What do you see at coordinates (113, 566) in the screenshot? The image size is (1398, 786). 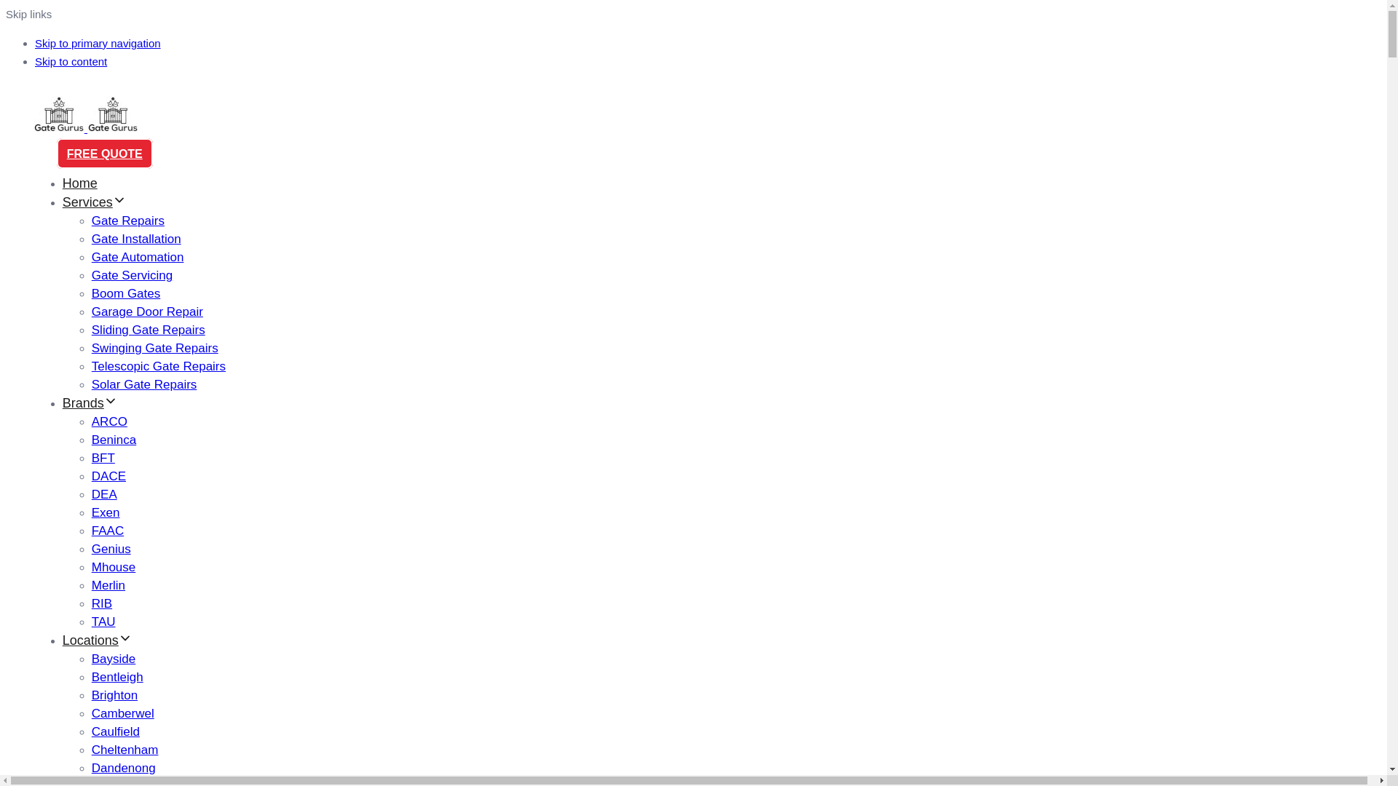 I see `'Mhouse'` at bounding box center [113, 566].